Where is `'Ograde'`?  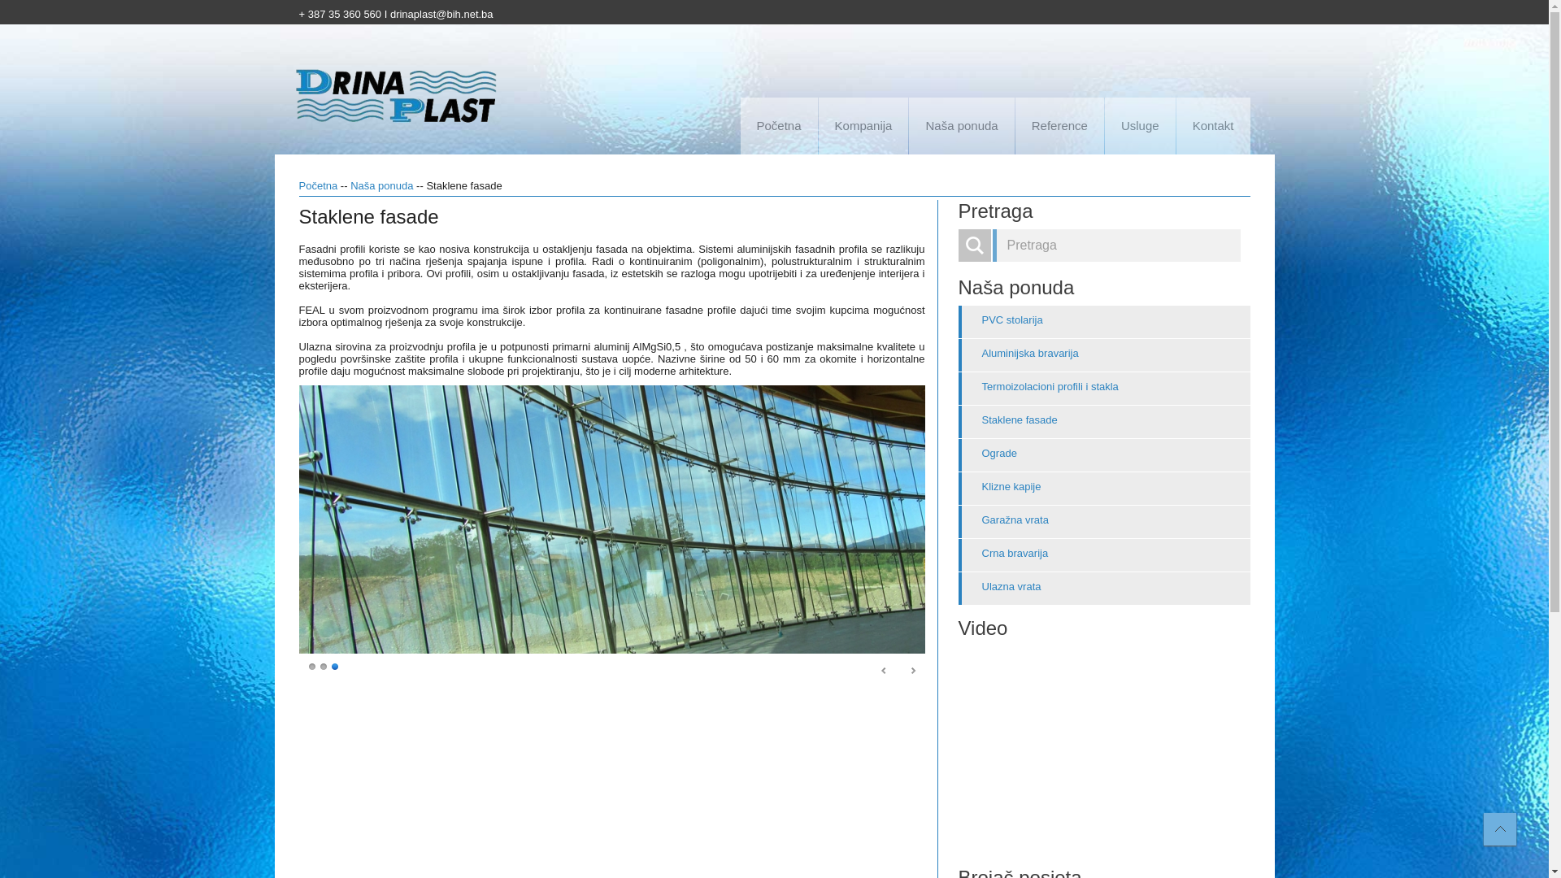
'Ograde' is located at coordinates (1103, 454).